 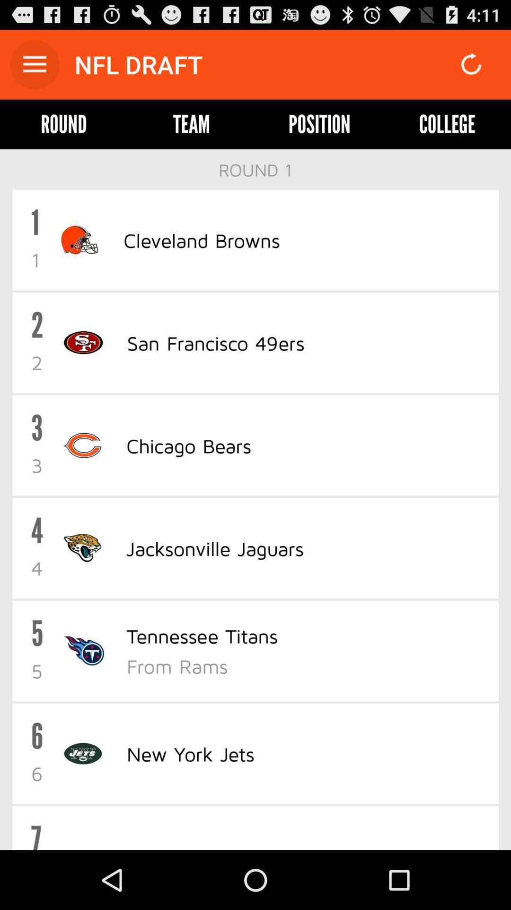 What do you see at coordinates (306, 665) in the screenshot?
I see `the icon above the new york jets` at bounding box center [306, 665].